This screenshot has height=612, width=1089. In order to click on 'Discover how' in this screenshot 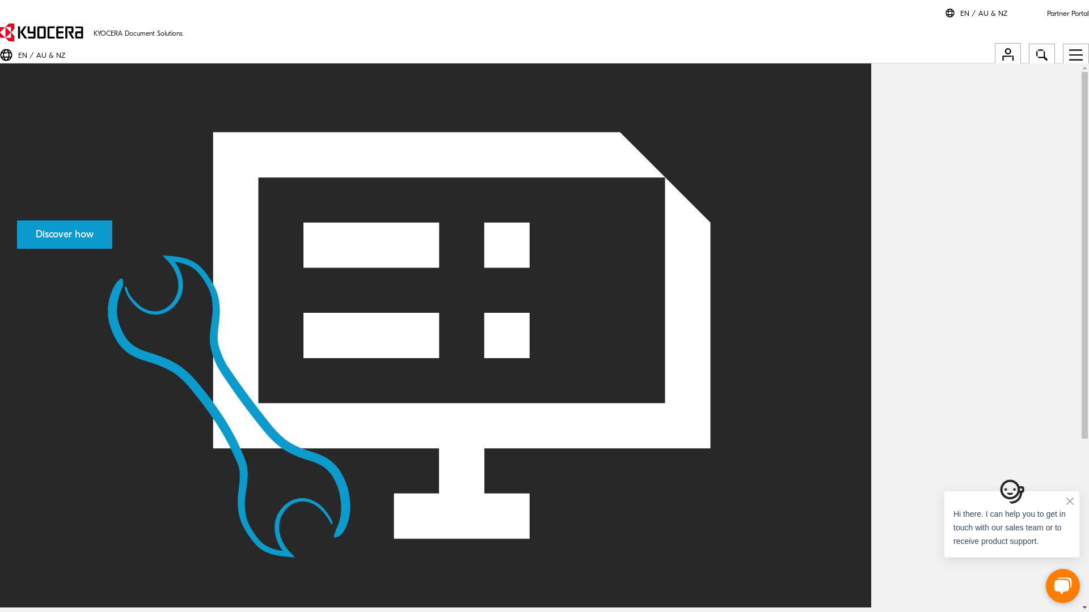, I will do `click(64, 233)`.